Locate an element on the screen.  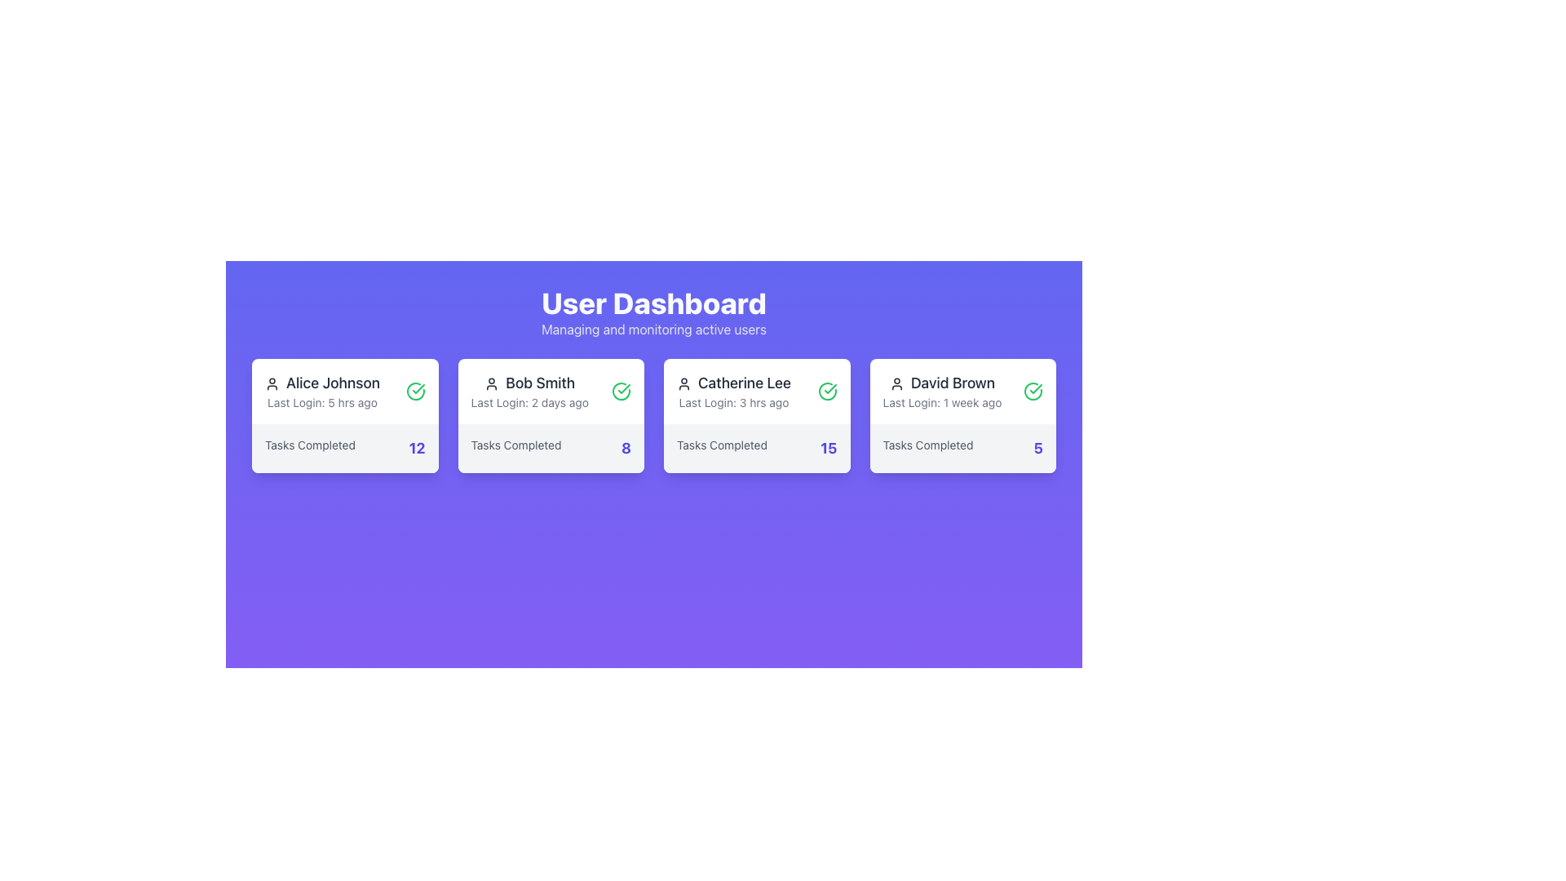
information displayed in the composite information display component showing the user's name 'Catherine Lee' and last login time 'Last Login: 3 hrs ago', along with the user profile icon is located at coordinates (756, 391).